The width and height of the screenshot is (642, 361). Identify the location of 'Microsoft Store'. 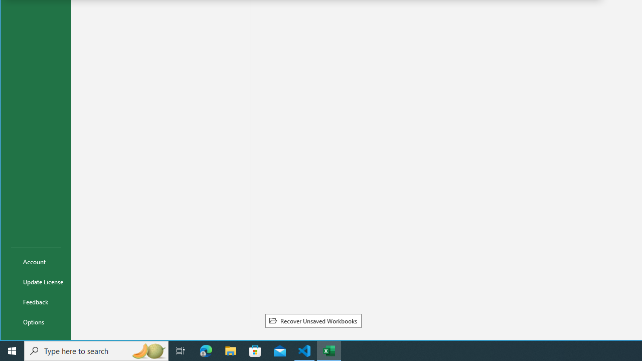
(255, 350).